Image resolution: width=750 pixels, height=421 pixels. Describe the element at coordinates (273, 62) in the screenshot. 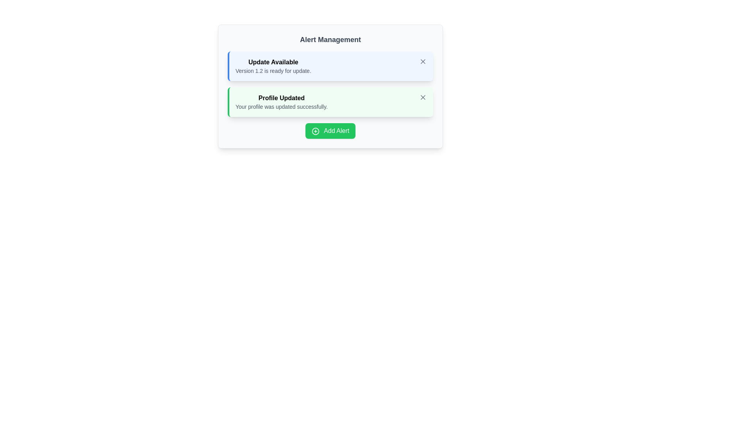

I see `the 'Update Available' text label, which is styled as a header in bold font within the top alert box of the 'Alert Management' area` at that location.